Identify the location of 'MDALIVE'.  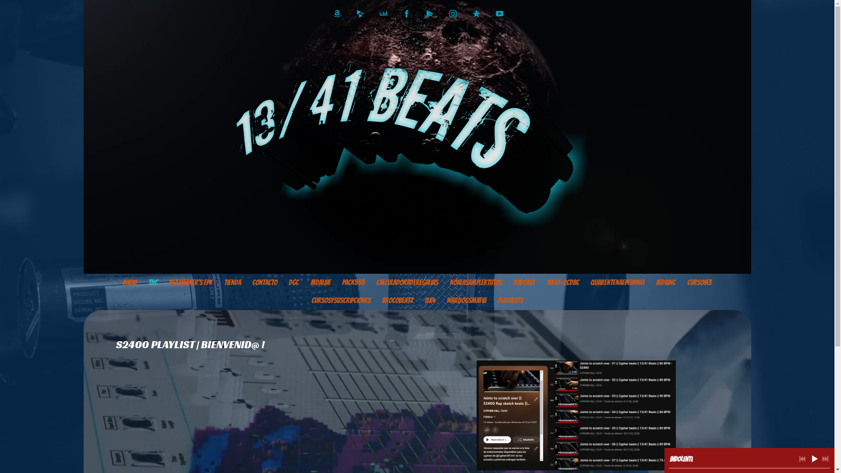
(304, 282).